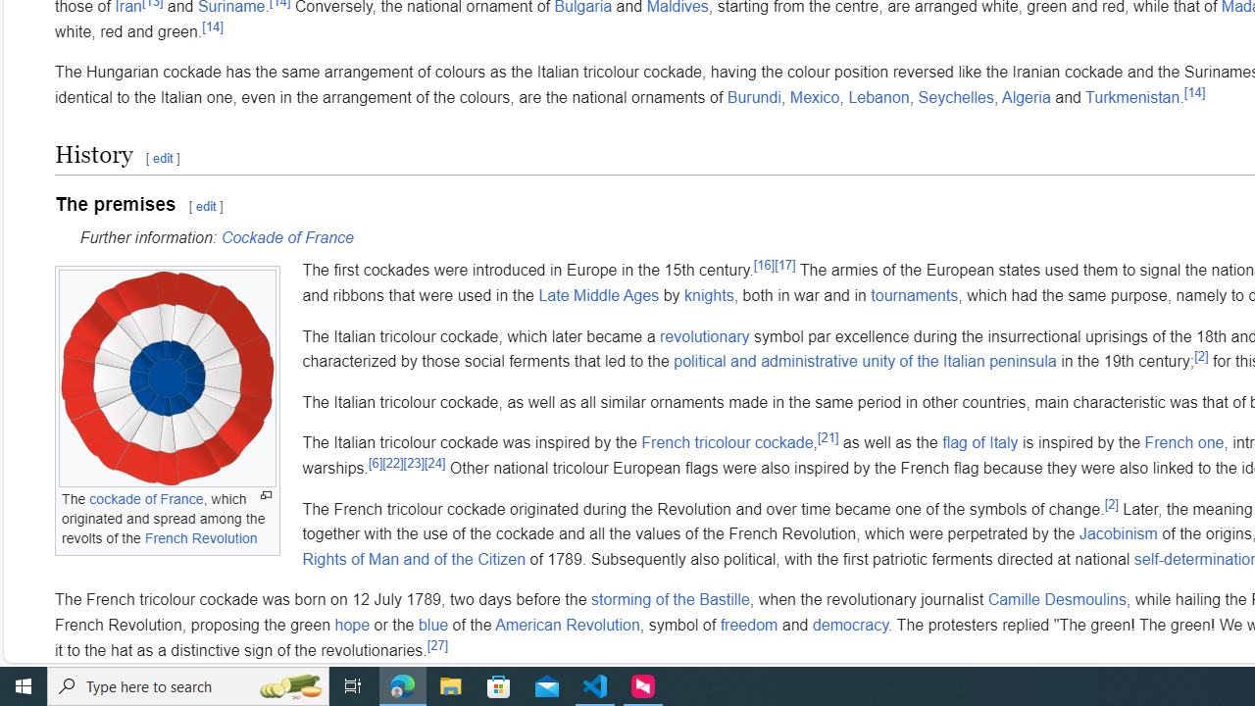 The width and height of the screenshot is (1255, 706). I want to click on 'Class: mw-file-element', so click(167, 378).